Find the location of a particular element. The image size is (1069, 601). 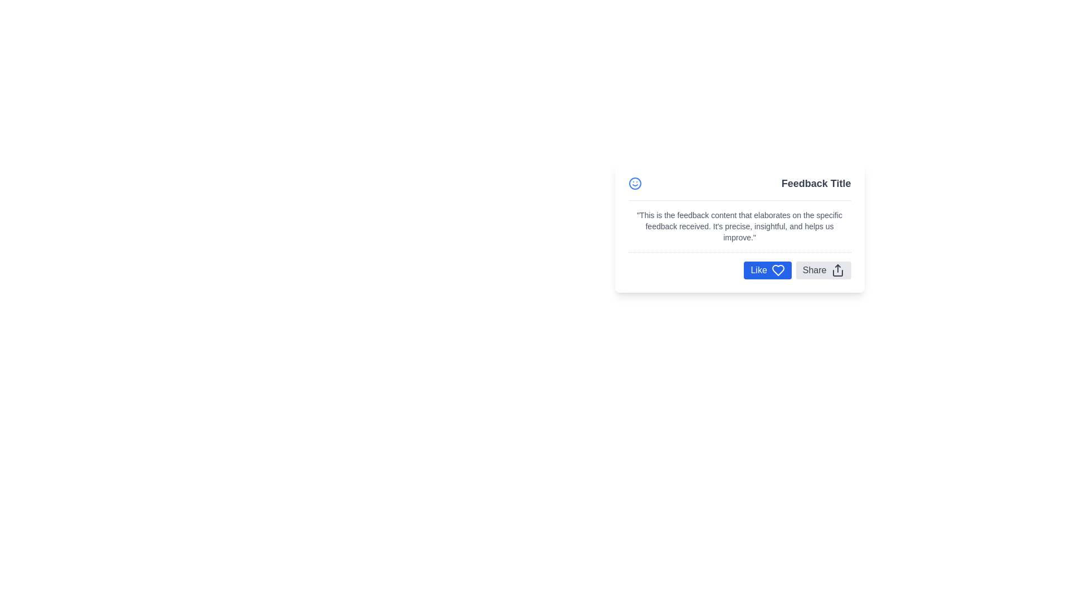

the share icon button, which is a modern, upward-pointing arrow within a rounded rectangular button labeled 'Share', located at the bottom right corner of the feedback card is located at coordinates (837, 270).